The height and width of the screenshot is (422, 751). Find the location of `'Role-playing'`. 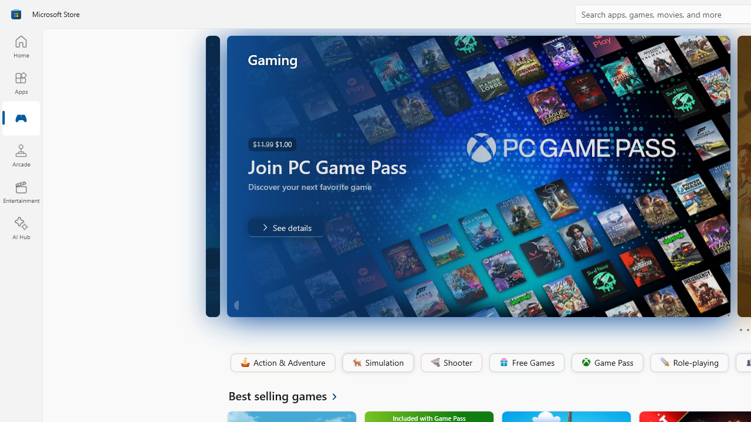

'Role-playing' is located at coordinates (689, 362).